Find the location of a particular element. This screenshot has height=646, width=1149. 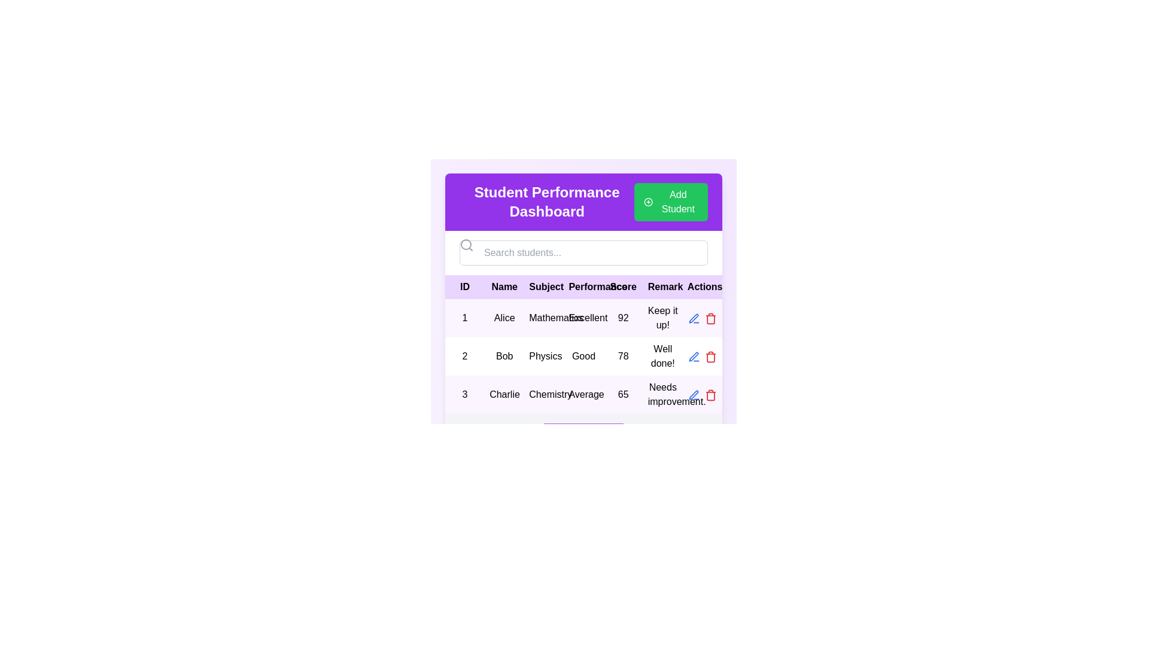

the feedback text element in the last cell of the 'Remarks' column for student 'Charlie' in Chemistry, which indicates areas for improvement is located at coordinates (662, 394).